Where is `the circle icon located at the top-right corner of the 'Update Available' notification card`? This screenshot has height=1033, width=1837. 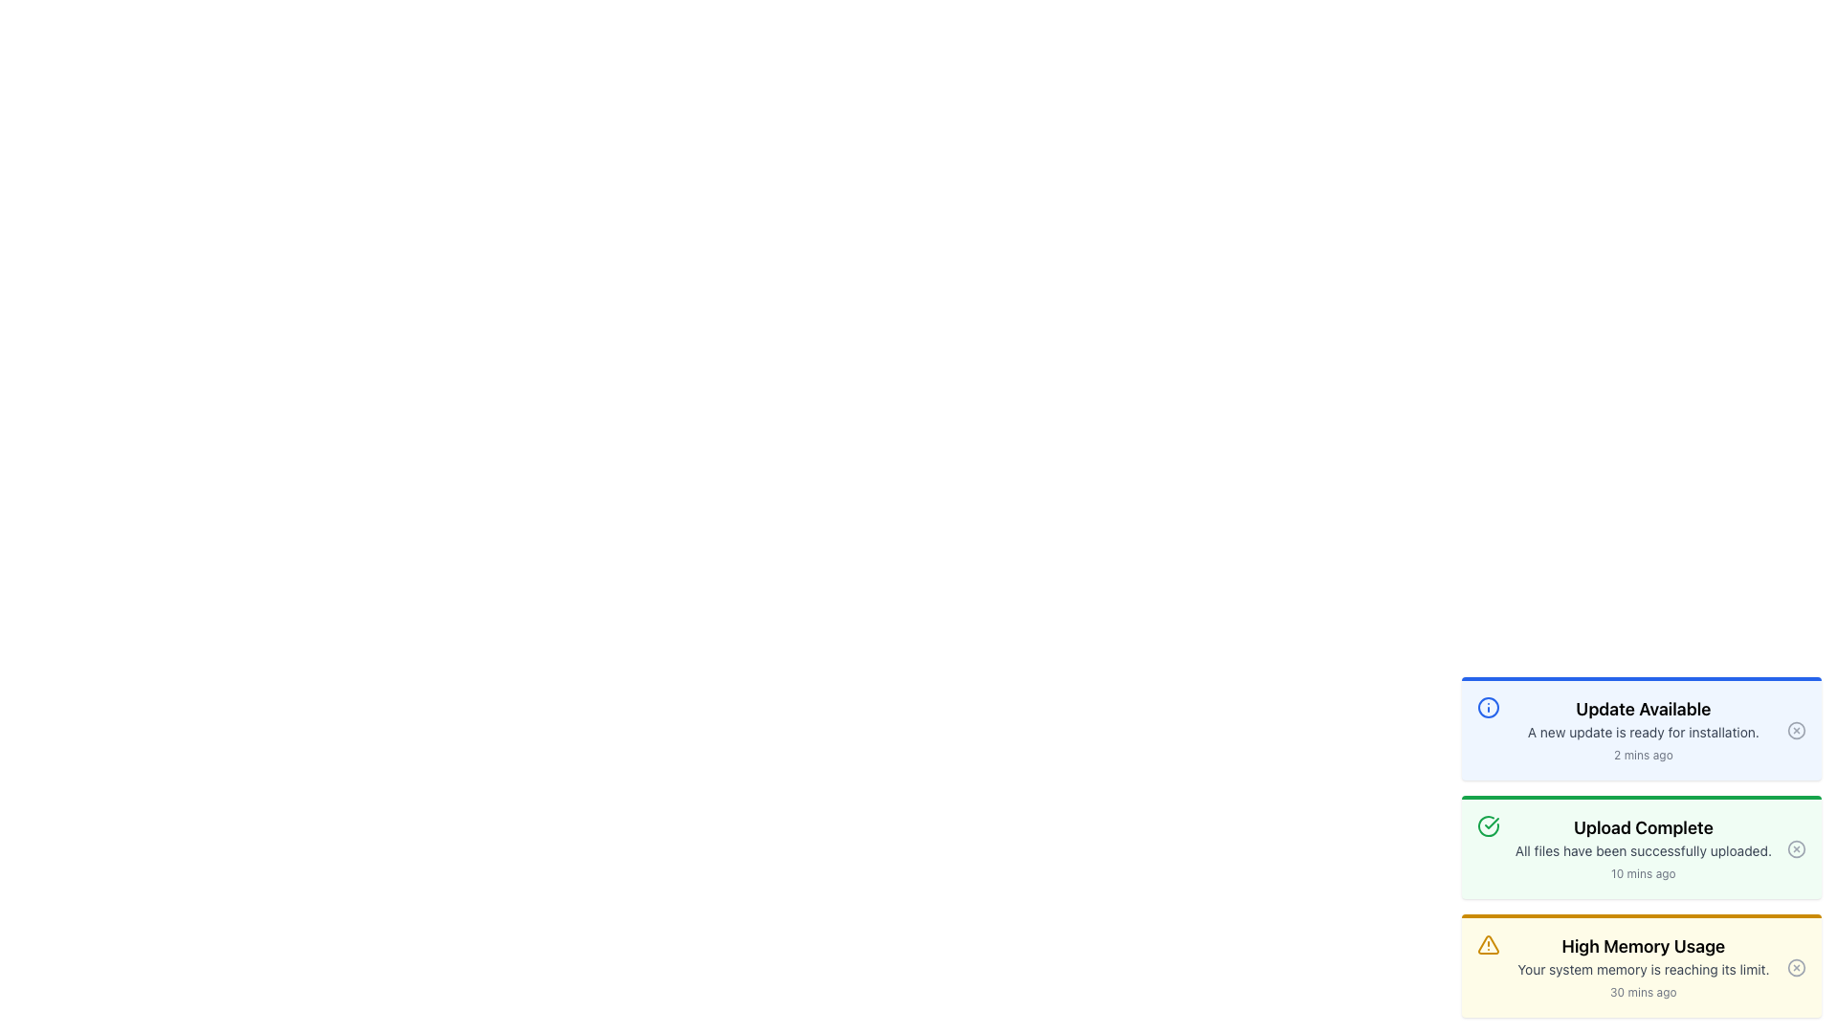
the circle icon located at the top-right corner of the 'Update Available' notification card is located at coordinates (1795, 730).